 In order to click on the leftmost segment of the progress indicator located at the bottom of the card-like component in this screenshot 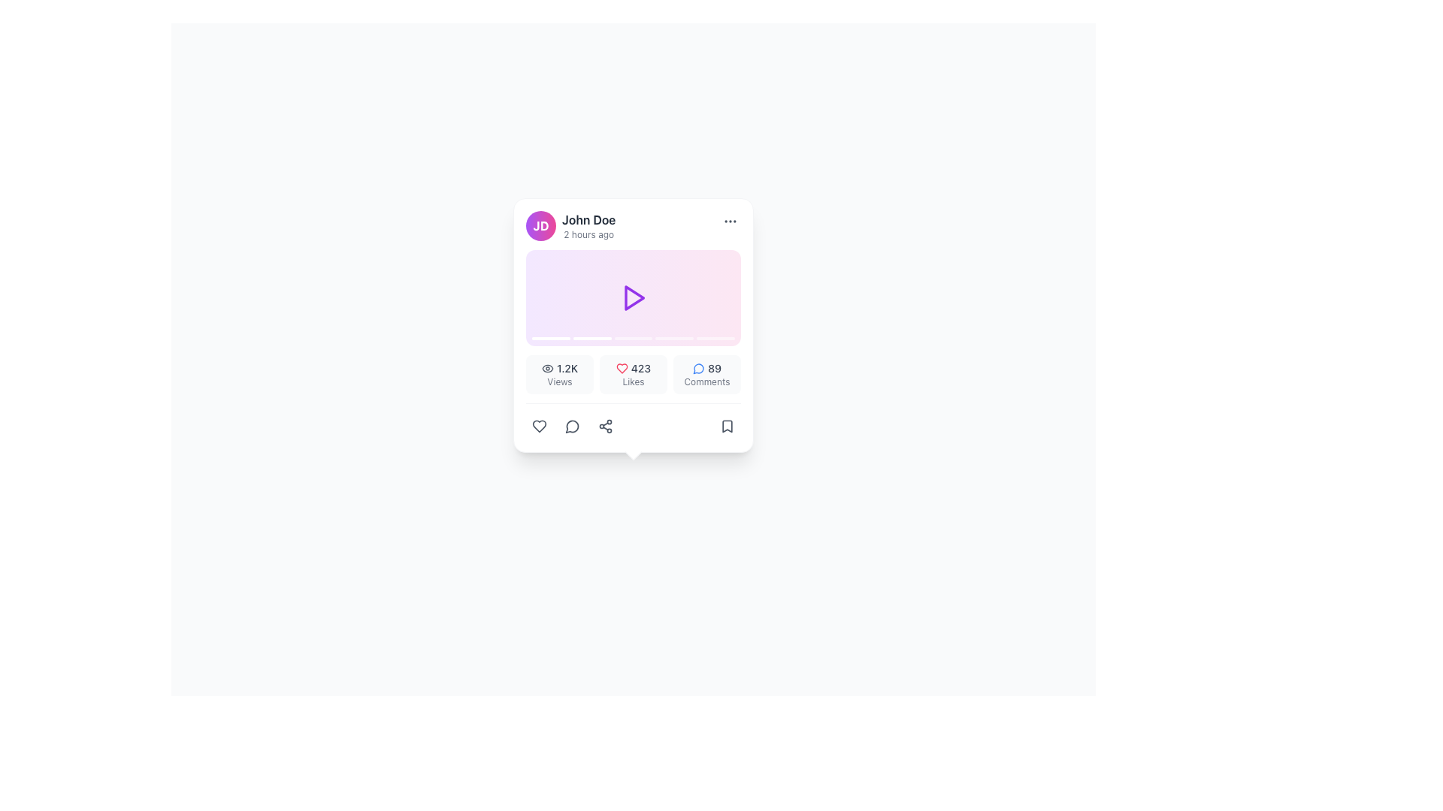, I will do `click(550, 339)`.